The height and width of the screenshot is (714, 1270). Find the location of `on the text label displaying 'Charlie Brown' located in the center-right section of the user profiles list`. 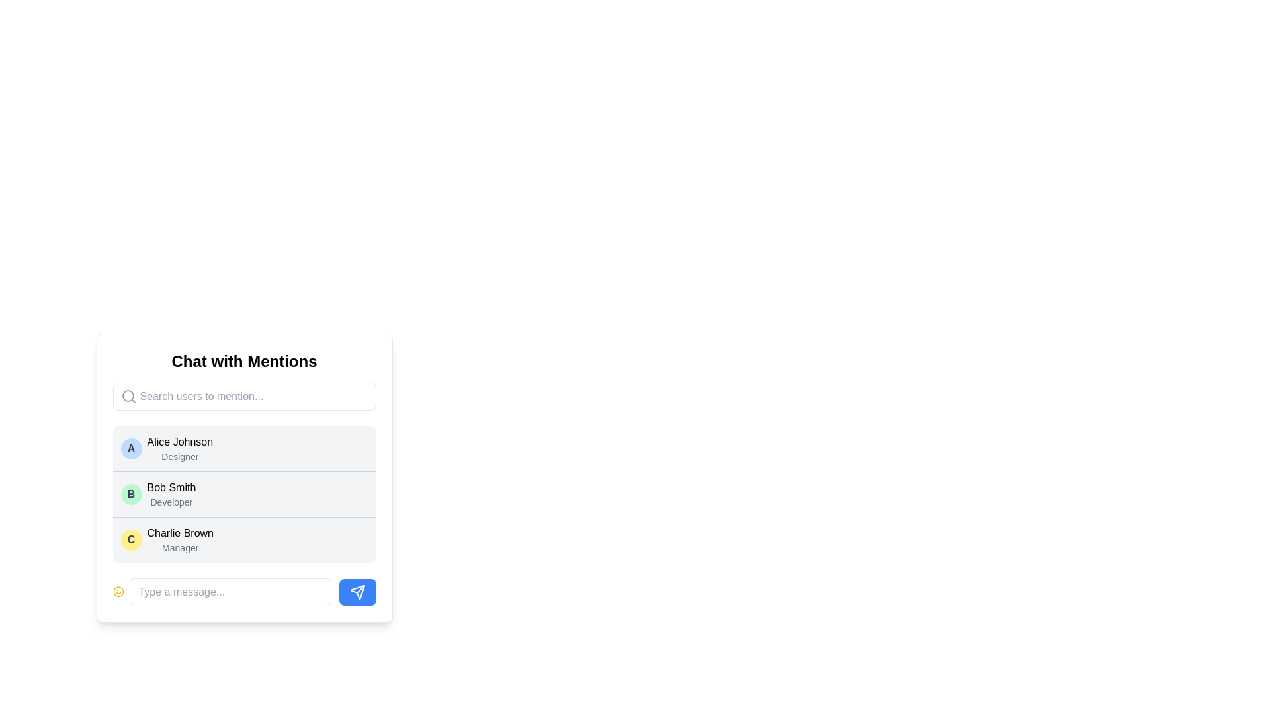

on the text label displaying 'Charlie Brown' located in the center-right section of the user profiles list is located at coordinates (179, 532).